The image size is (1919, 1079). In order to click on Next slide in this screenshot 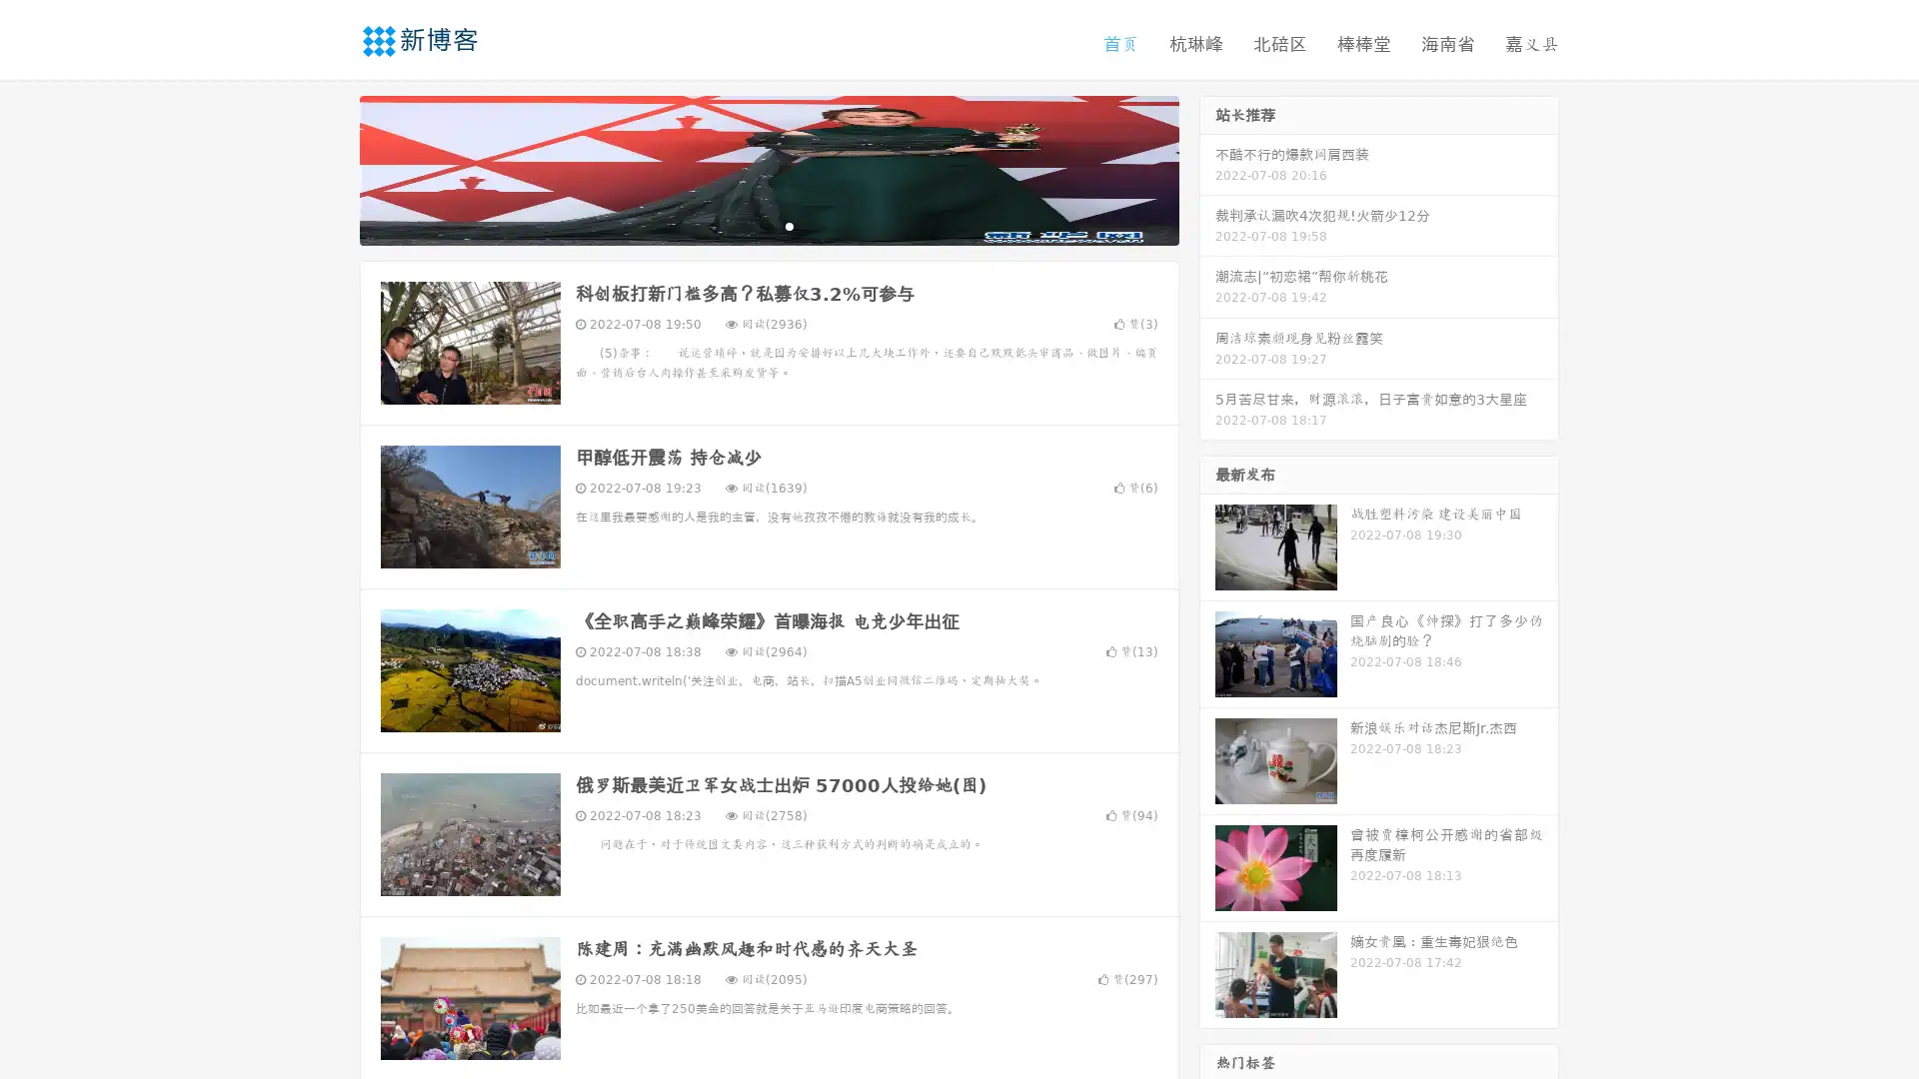, I will do `click(1207, 168)`.